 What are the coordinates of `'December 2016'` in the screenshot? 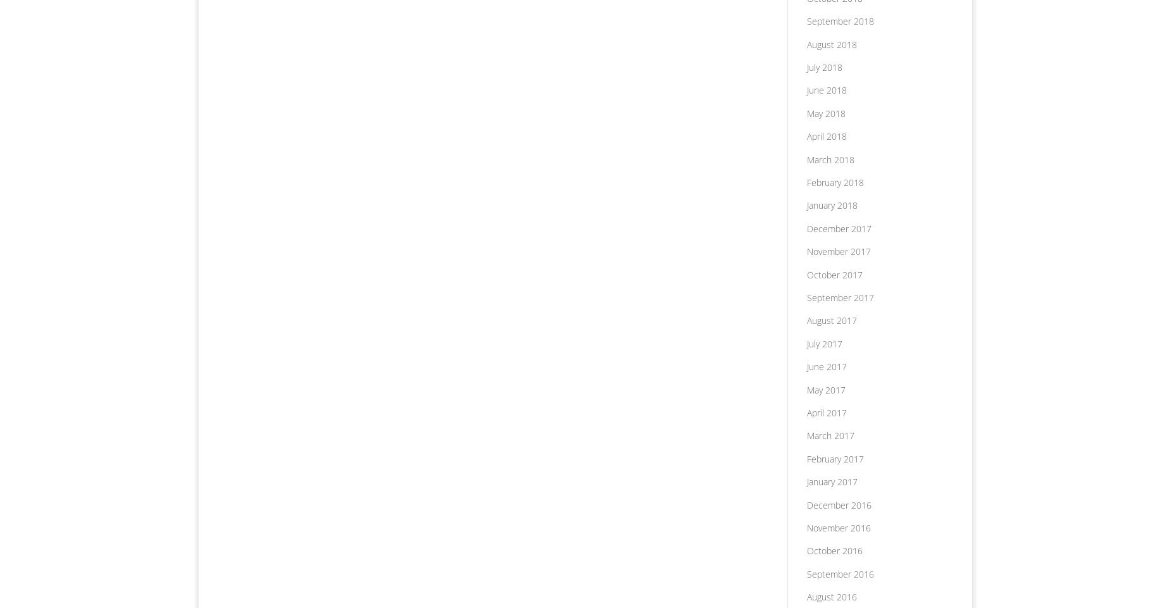 It's located at (838, 504).